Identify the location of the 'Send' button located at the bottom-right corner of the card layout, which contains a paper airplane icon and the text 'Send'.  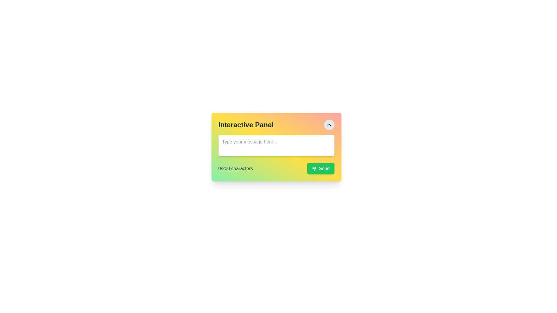
(324, 169).